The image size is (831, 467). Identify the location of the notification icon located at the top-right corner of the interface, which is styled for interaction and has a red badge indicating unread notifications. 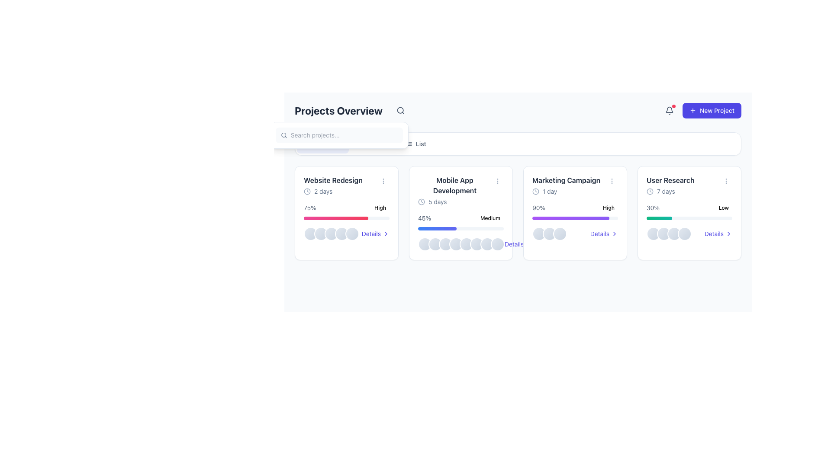
(669, 110).